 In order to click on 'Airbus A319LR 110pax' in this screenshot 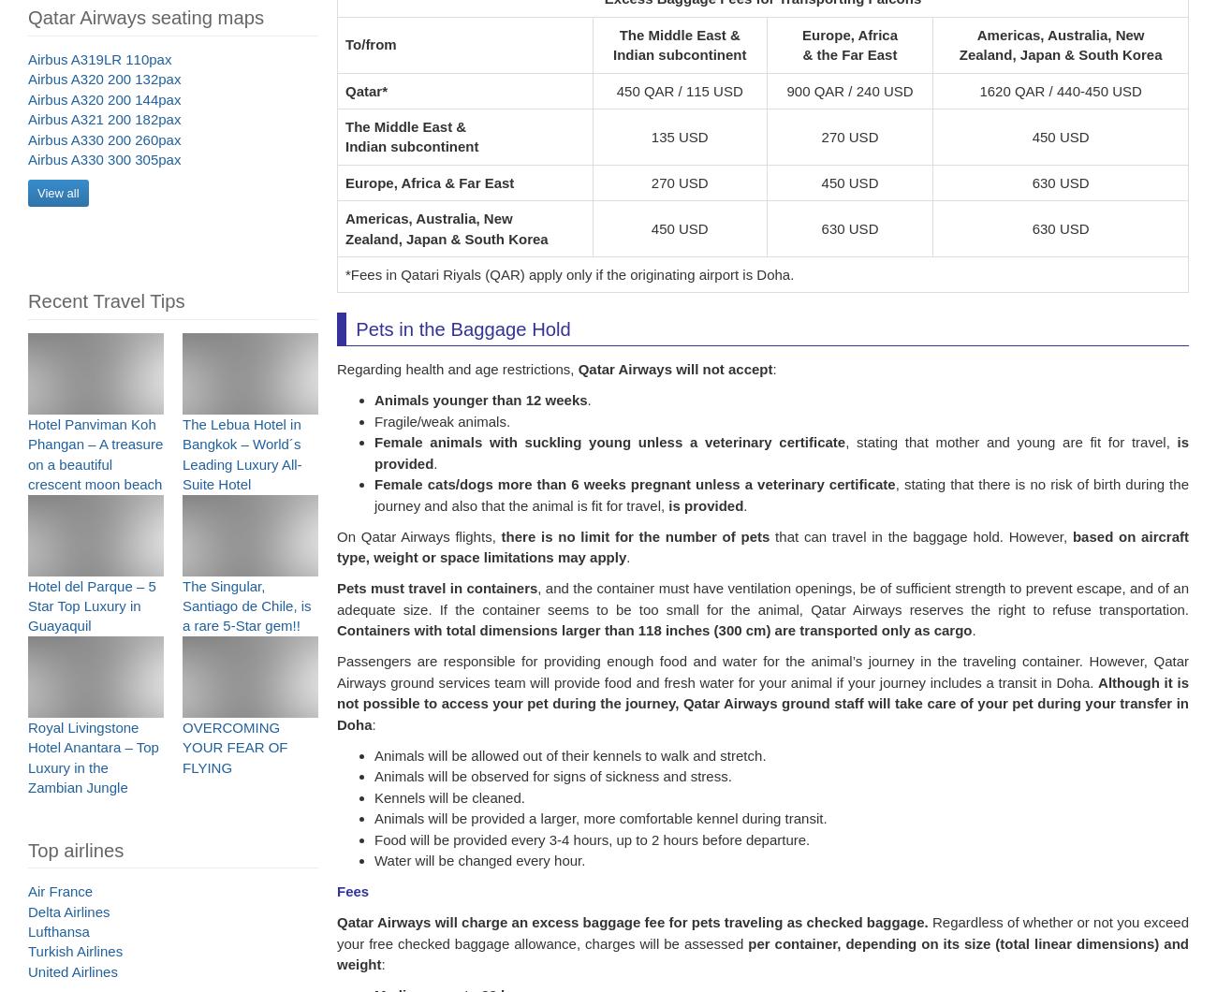, I will do `click(99, 70)`.